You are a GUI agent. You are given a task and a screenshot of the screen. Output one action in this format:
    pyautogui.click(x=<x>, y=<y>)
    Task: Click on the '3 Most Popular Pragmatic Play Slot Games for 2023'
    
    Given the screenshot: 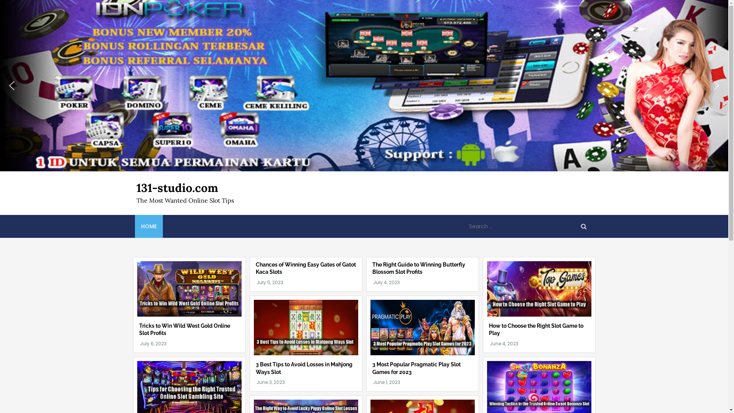 What is the action you would take?
    pyautogui.click(x=416, y=368)
    